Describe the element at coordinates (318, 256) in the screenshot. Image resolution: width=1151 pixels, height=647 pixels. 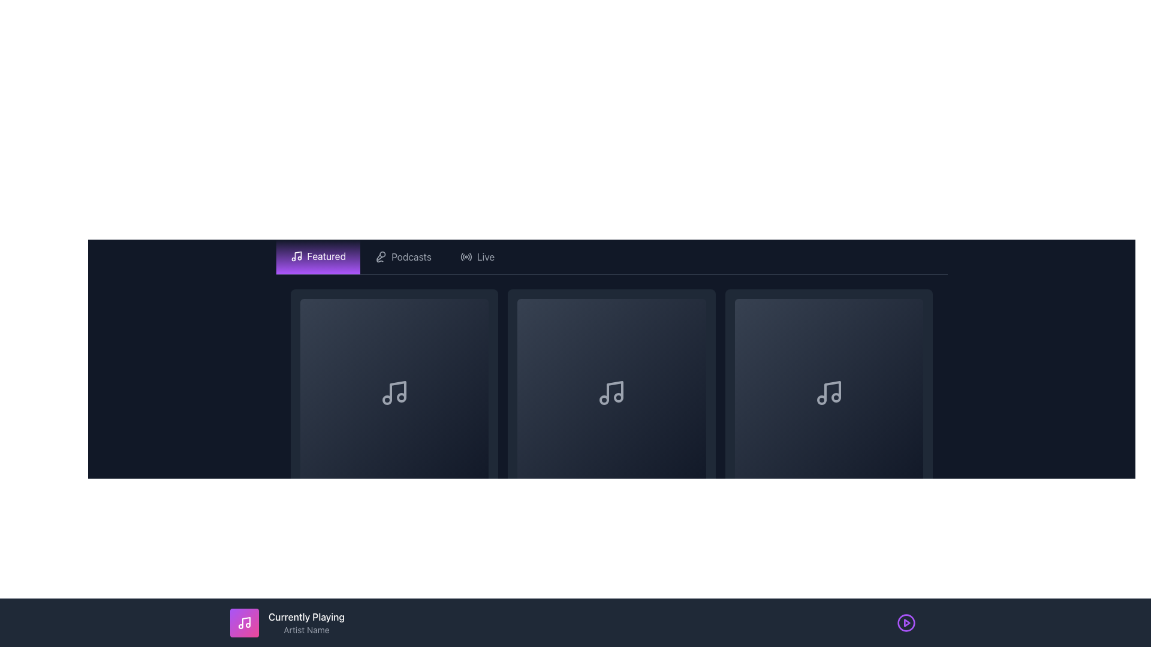
I see `the navigation button located to the immediate left of the 'Podcasts' button` at that location.